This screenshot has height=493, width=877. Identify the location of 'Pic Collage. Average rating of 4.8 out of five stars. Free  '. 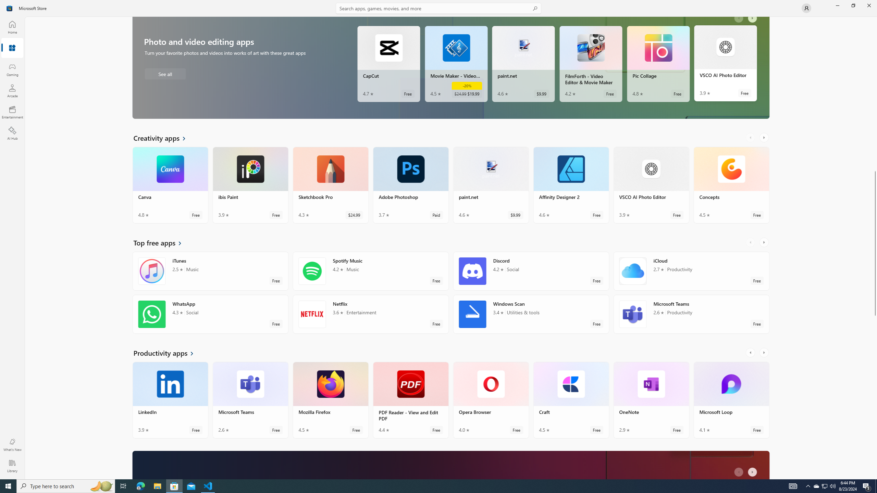
(658, 65).